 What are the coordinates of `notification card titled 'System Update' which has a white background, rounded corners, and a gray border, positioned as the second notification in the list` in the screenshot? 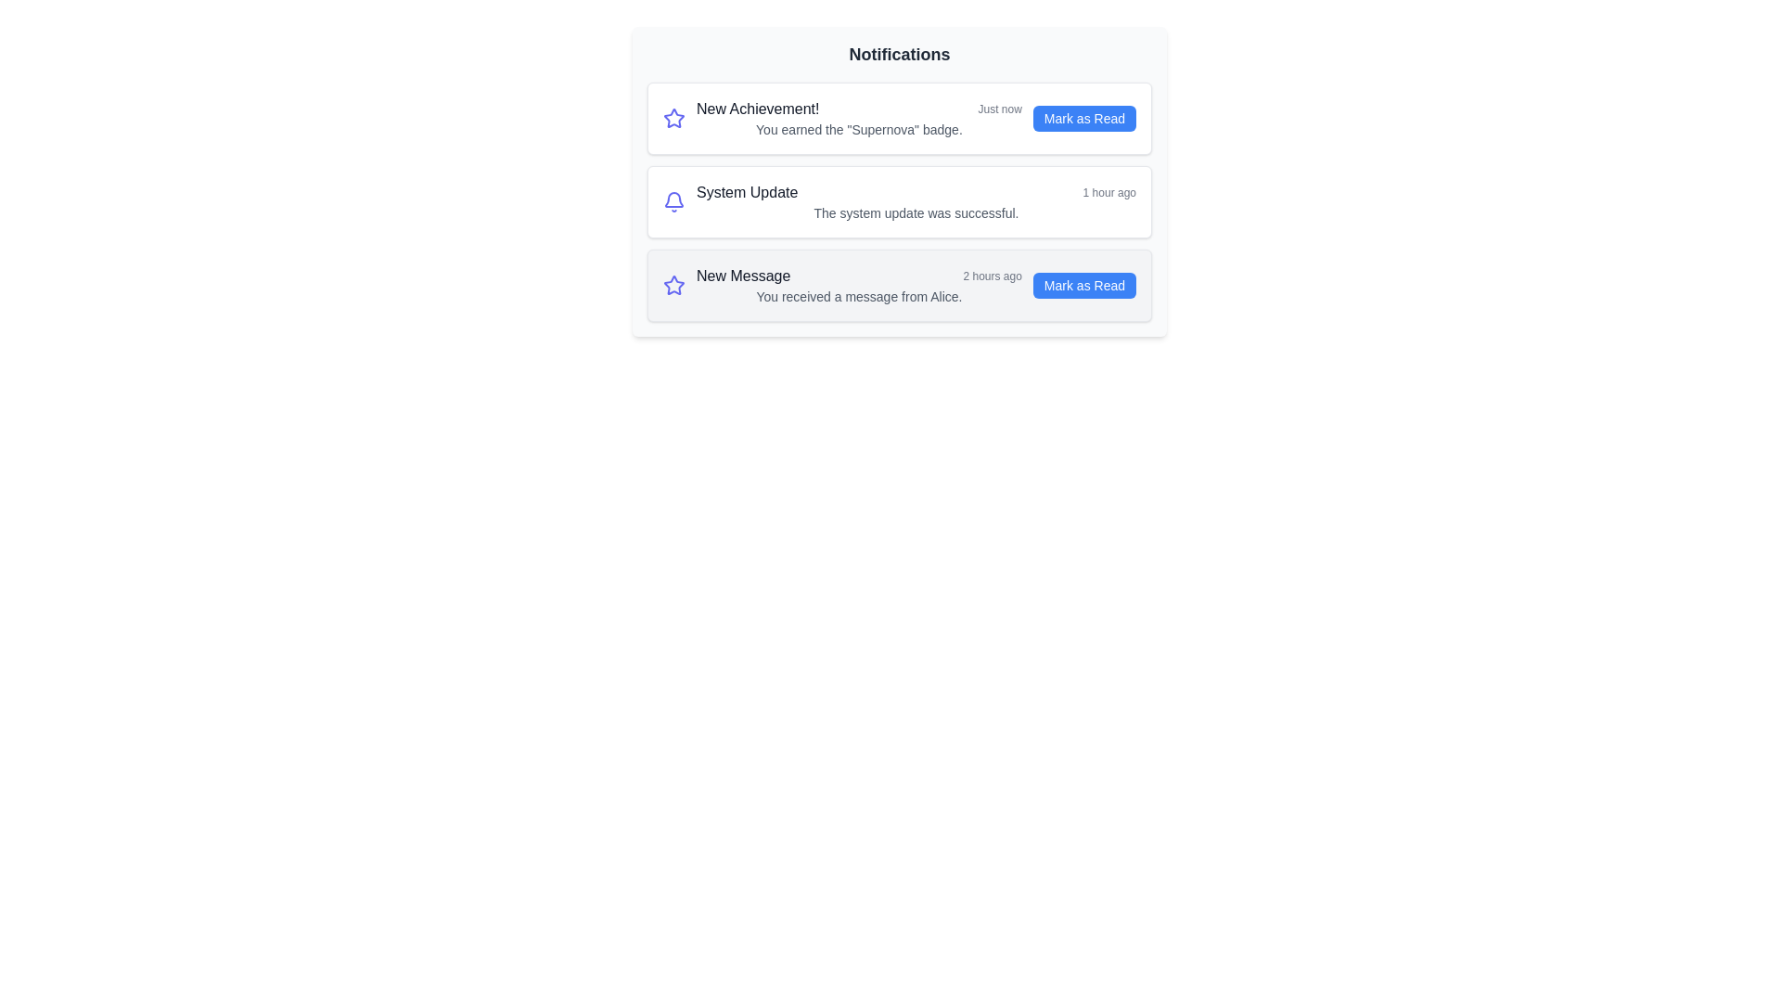 It's located at (899, 202).